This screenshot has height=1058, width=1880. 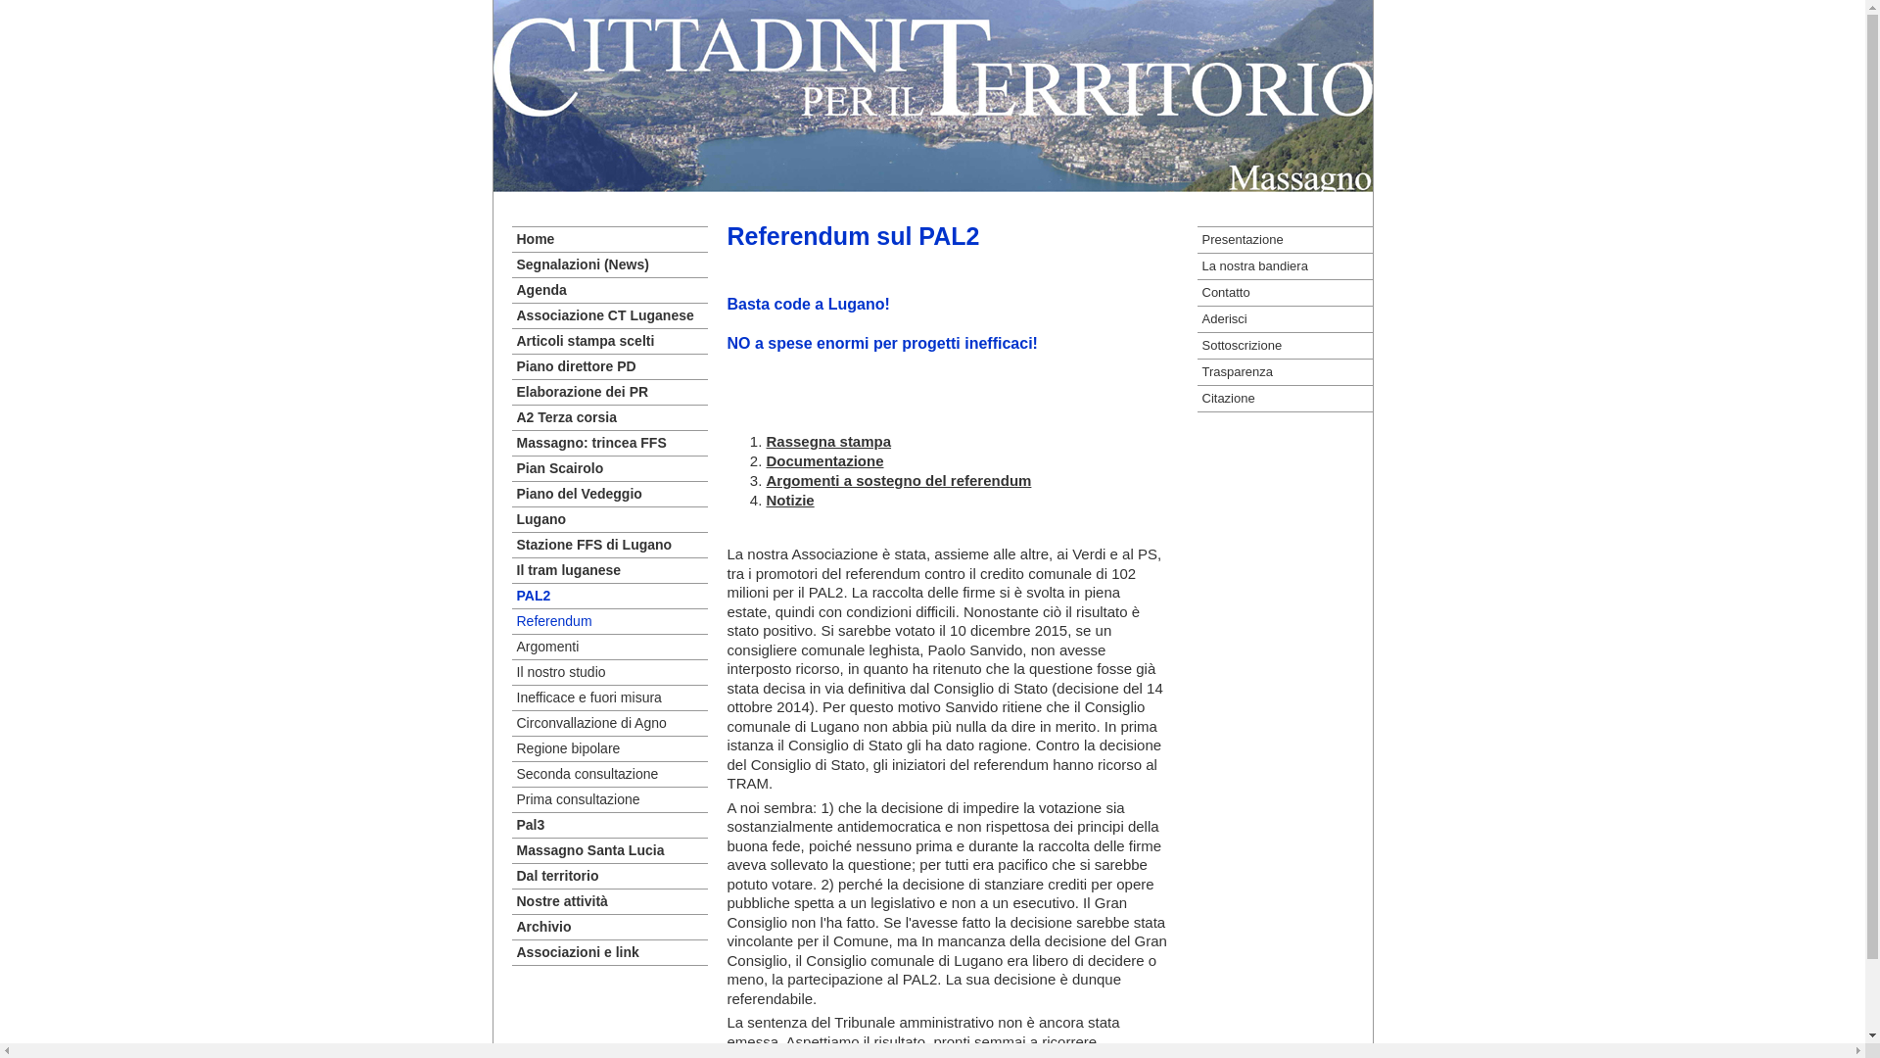 I want to click on 'Trasparenza', so click(x=1284, y=372).